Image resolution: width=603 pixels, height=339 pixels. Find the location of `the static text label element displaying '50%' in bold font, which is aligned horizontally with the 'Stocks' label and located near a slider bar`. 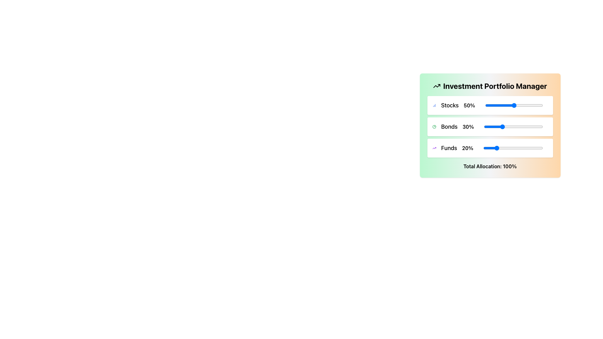

the static text label element displaying '50%' in bold font, which is aligned horizontally with the 'Stocks' label and located near a slider bar is located at coordinates (469, 105).